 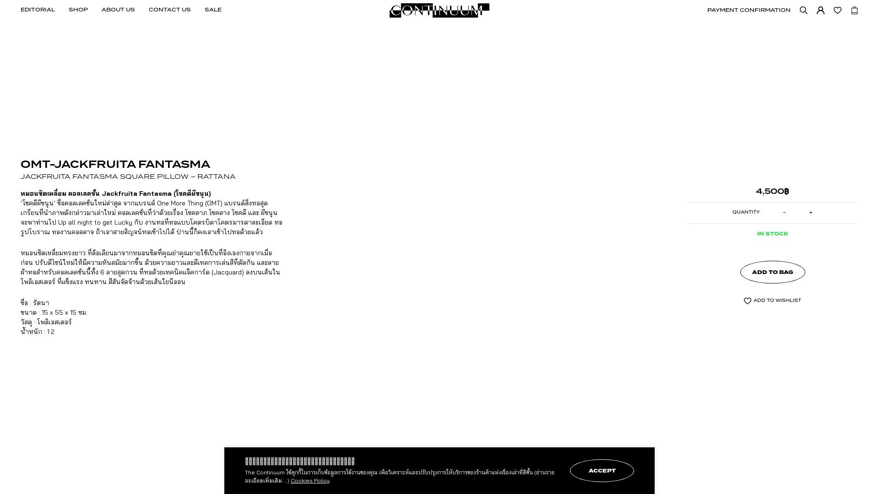 What do you see at coordinates (118, 10) in the screenshot?
I see `'ABOUT US'` at bounding box center [118, 10].